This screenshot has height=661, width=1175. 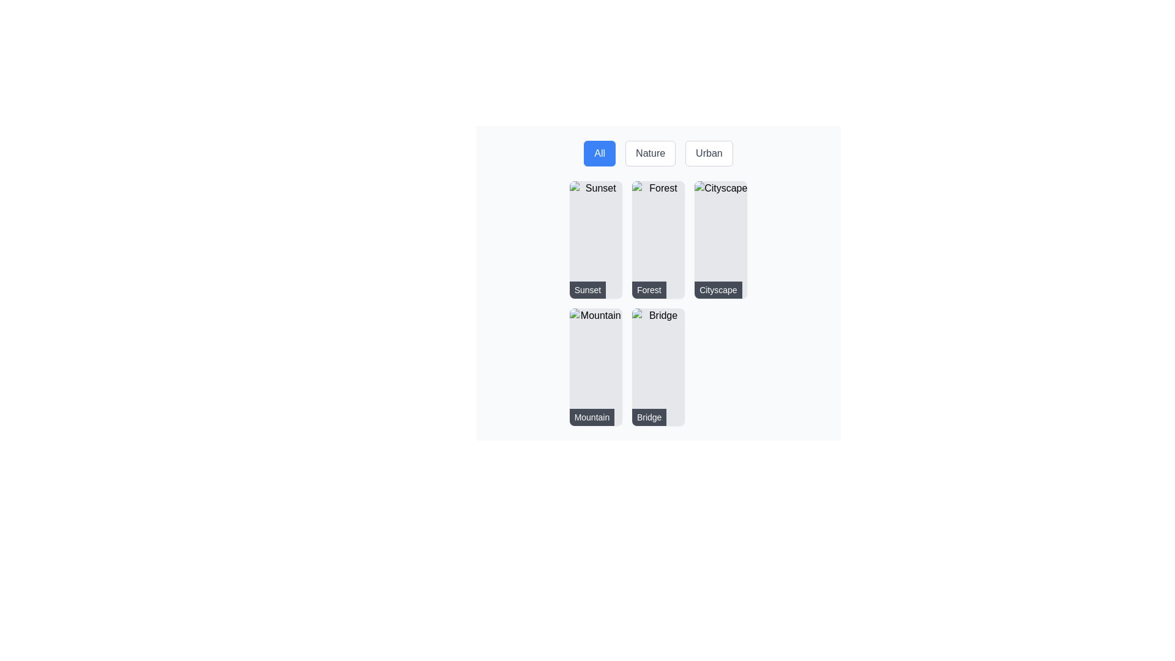 What do you see at coordinates (718, 290) in the screenshot?
I see `the 'Cityscape' text label, which is displayed in white font against a dark gray background, located at the bottom-left corner of its card component in the third column of a grid layout` at bounding box center [718, 290].